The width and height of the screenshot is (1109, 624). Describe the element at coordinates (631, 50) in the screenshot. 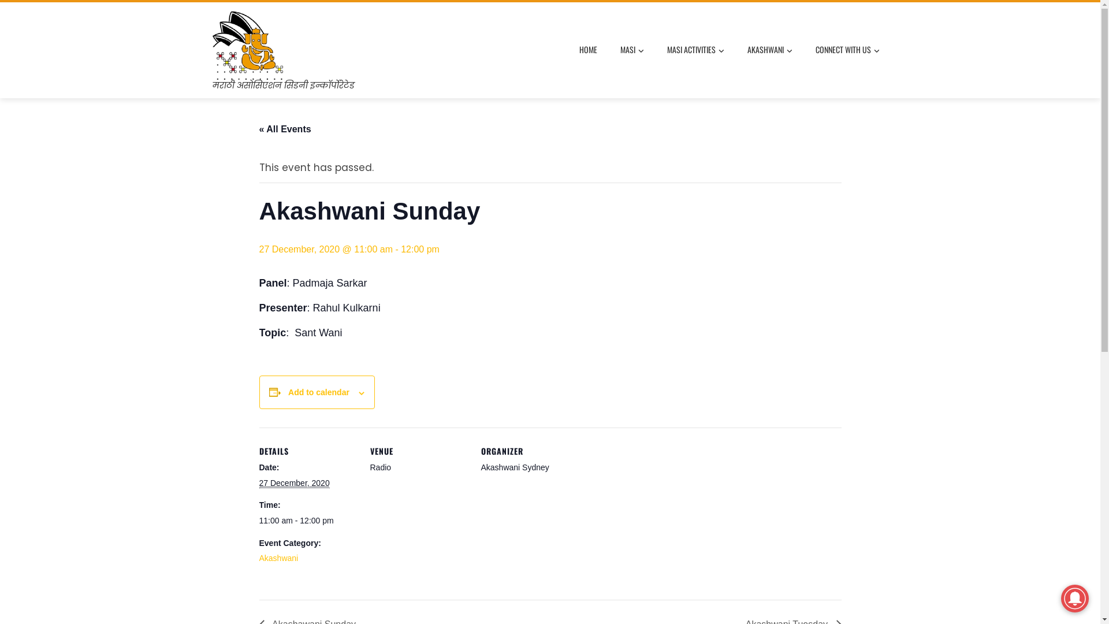

I see `'MASI'` at that location.